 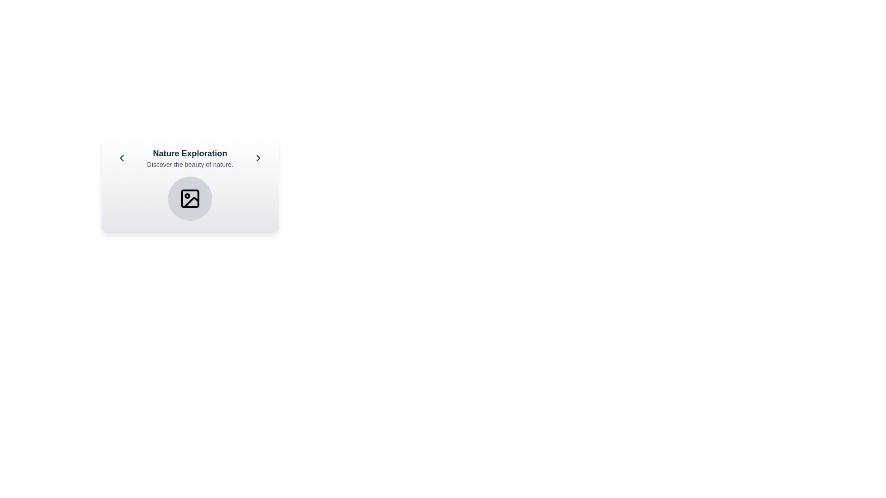 I want to click on the descriptive subtitle text block located below the 'Nature Exploration' title, which provides additional context or information, so click(x=190, y=164).